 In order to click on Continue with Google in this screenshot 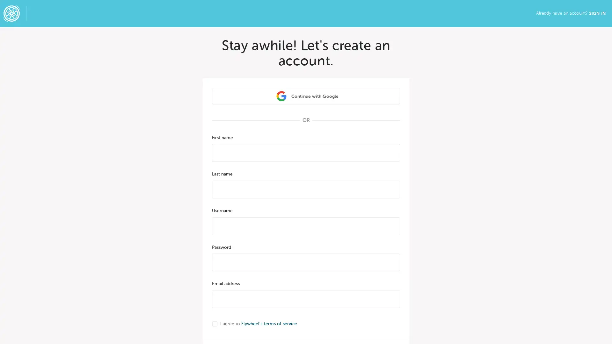, I will do `click(306, 96)`.